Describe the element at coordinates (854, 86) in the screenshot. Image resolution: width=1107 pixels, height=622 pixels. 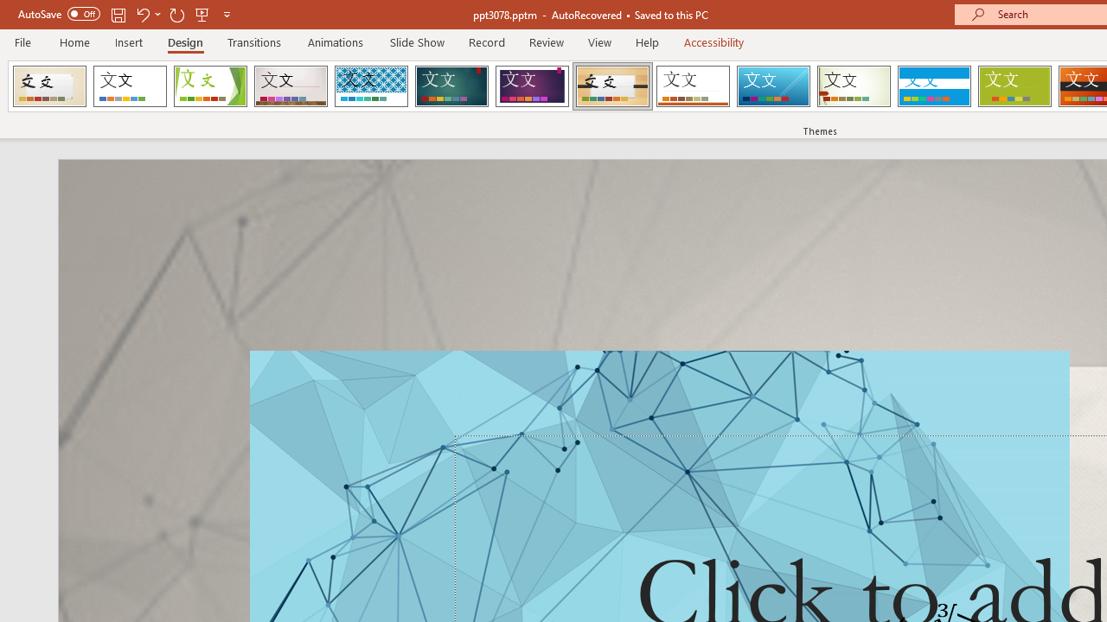
I see `'Wisp'` at that location.